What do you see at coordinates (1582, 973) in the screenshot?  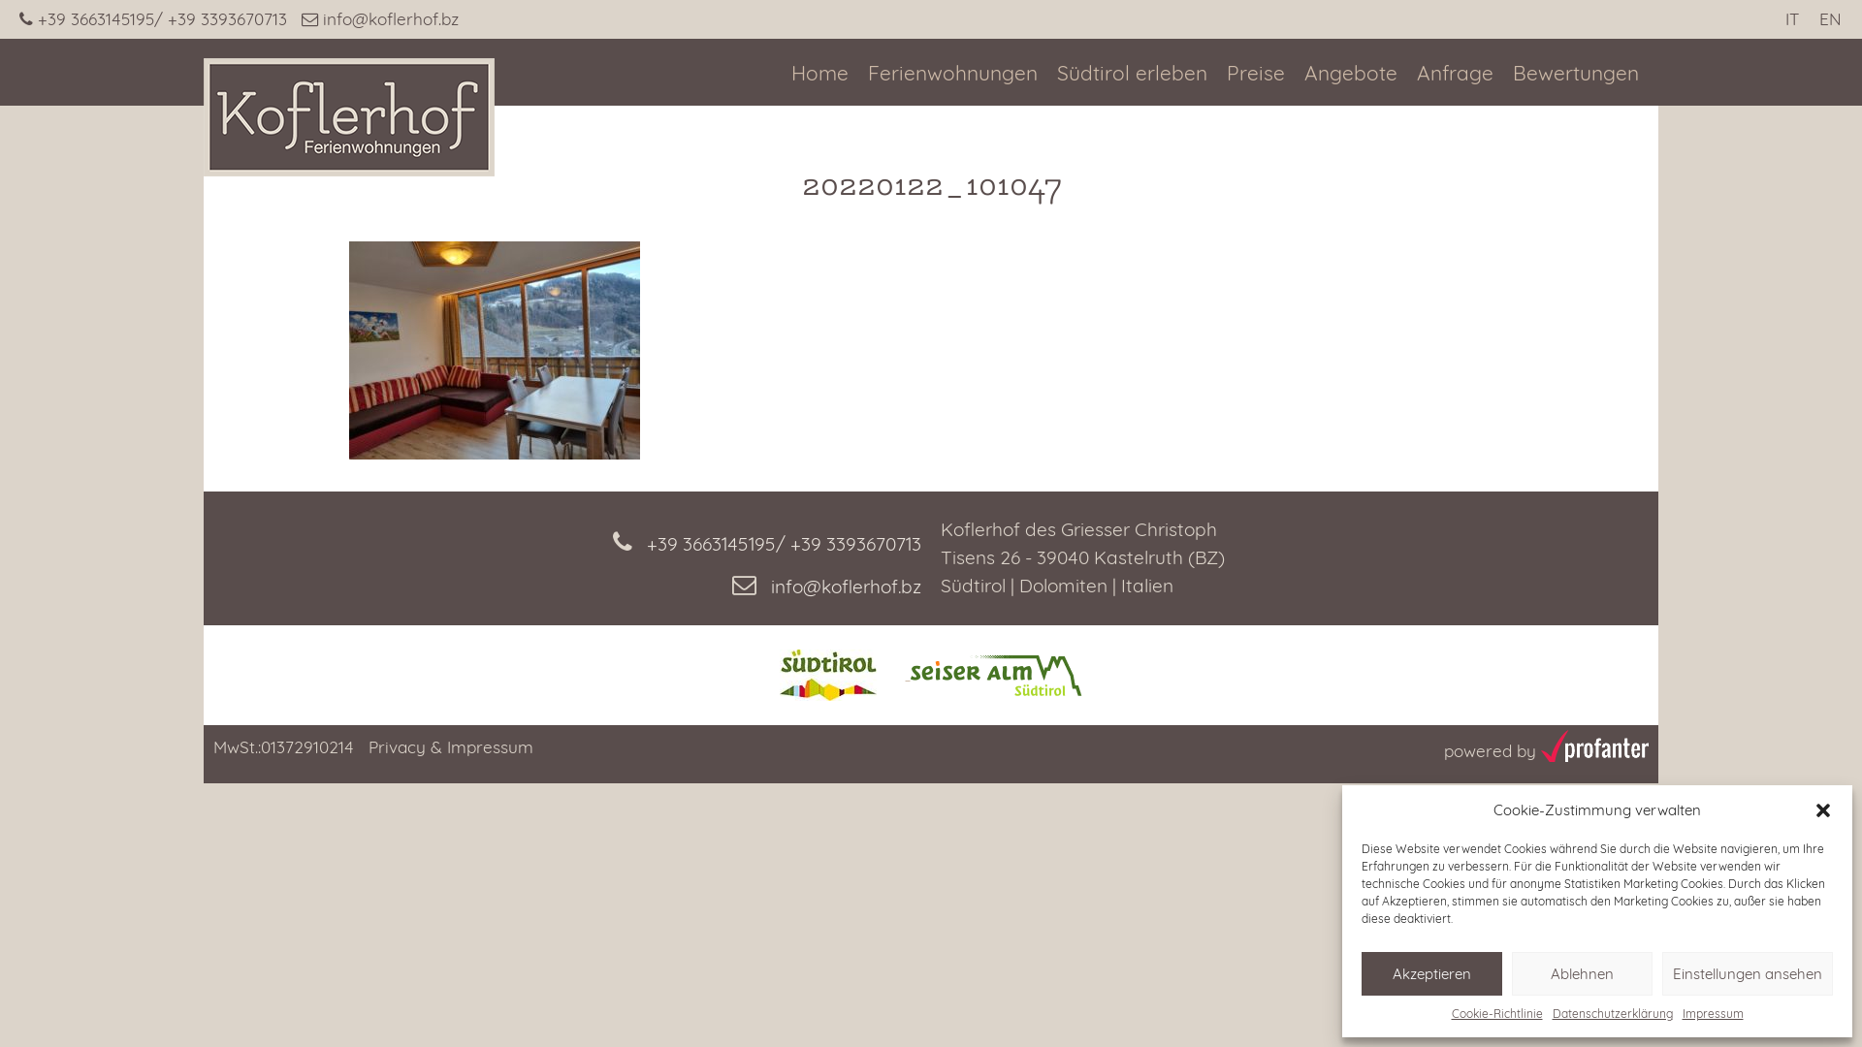 I see `'Ablehnen'` at bounding box center [1582, 973].